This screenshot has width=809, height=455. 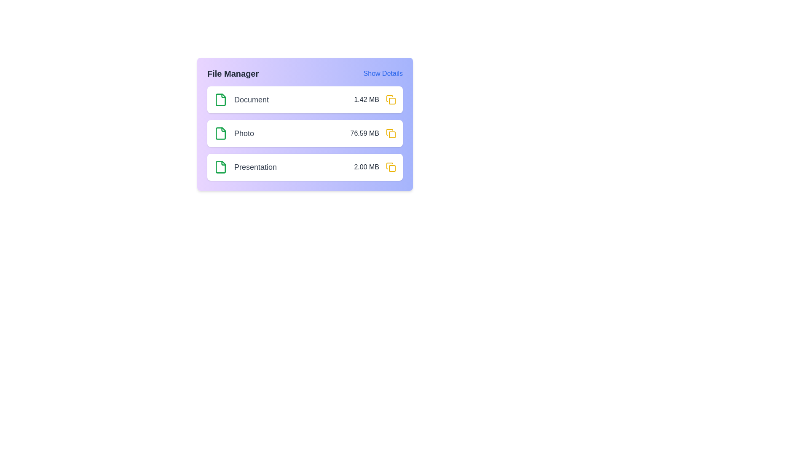 I want to click on the label that identifies the name 'Photo', which is the second entry in a card listing of three entries titled Document, Photo, and Presentation, so click(x=234, y=133).